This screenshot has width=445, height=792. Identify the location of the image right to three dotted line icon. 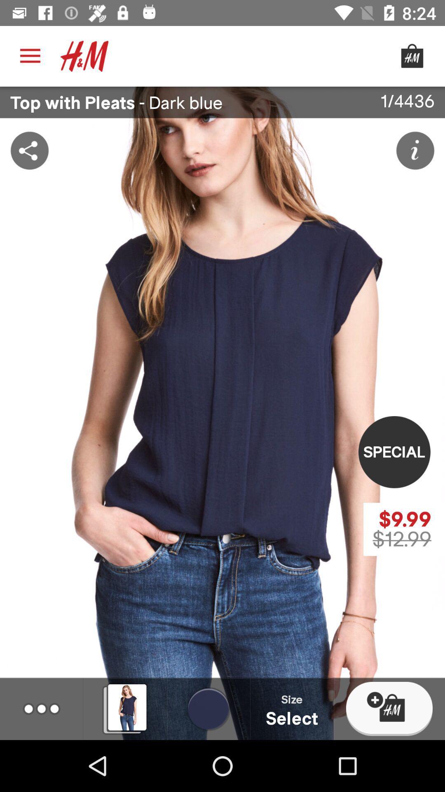
(125, 708).